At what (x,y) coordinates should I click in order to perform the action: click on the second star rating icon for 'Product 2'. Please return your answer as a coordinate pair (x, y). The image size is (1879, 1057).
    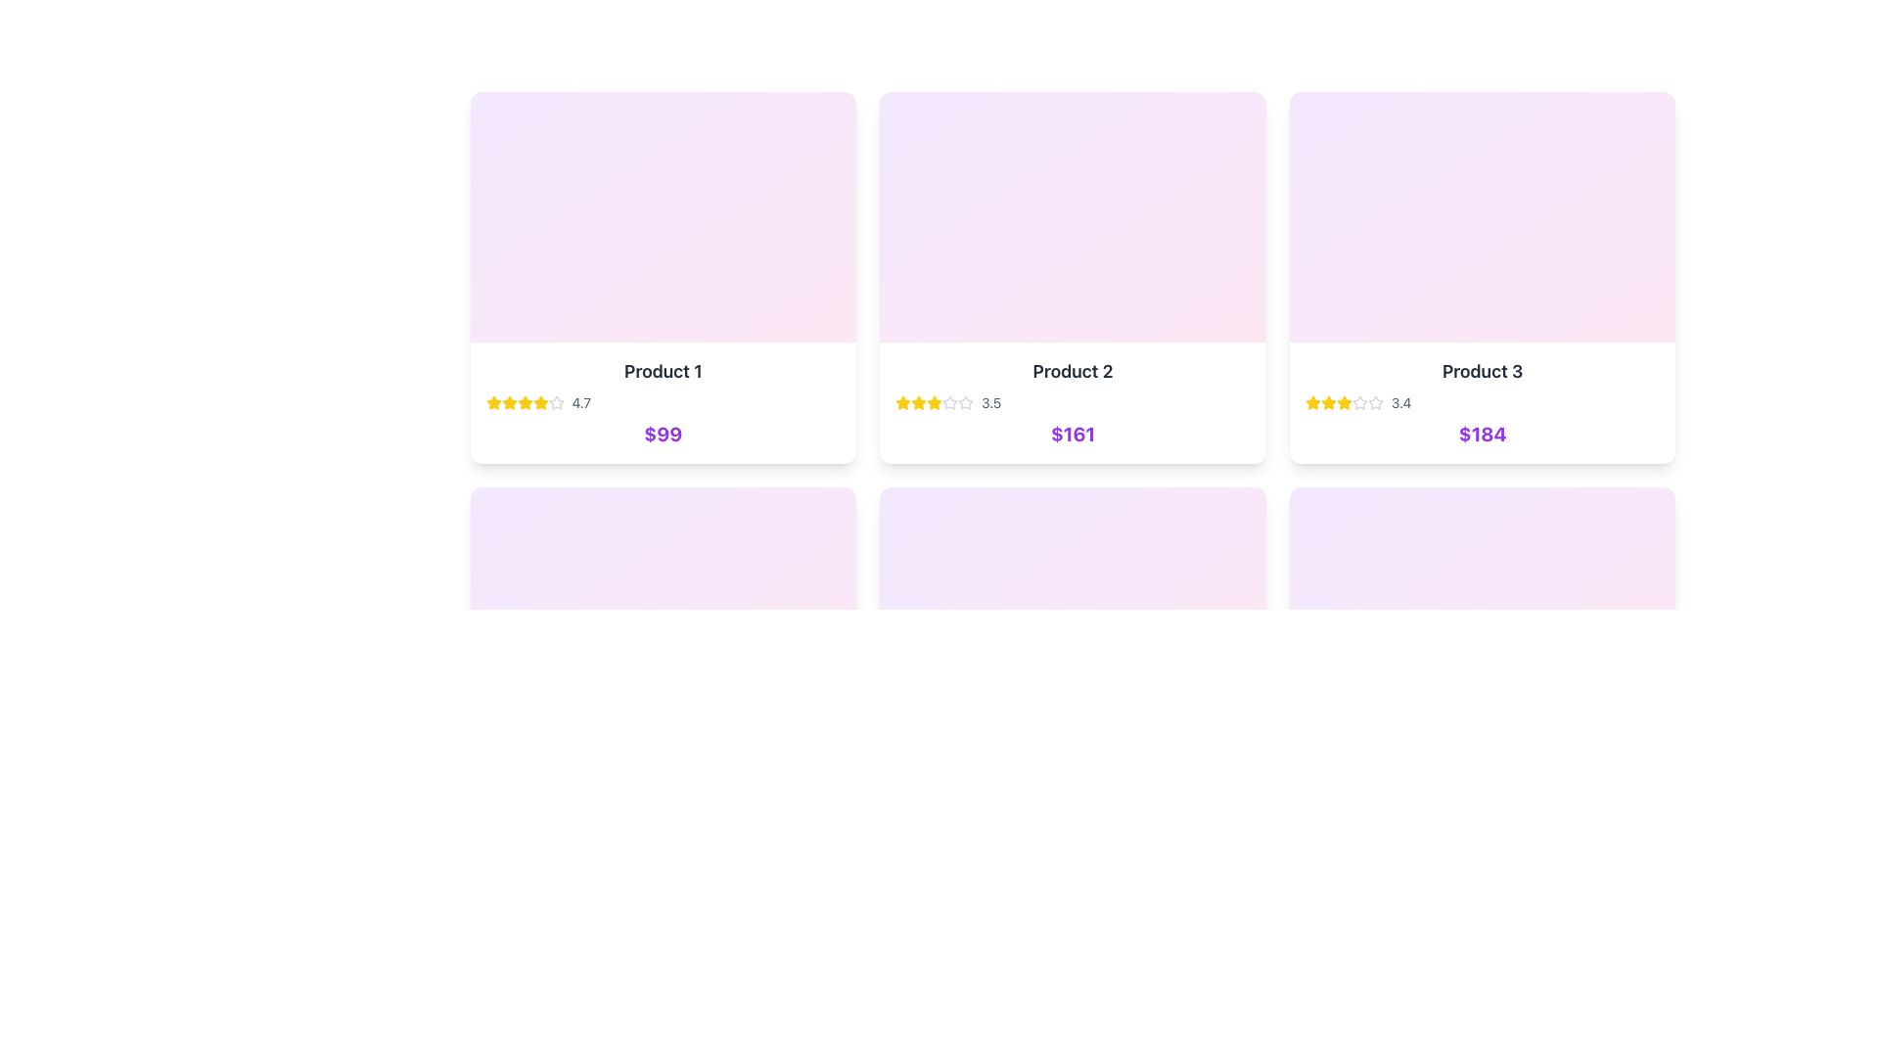
    Looking at the image, I should click on (918, 401).